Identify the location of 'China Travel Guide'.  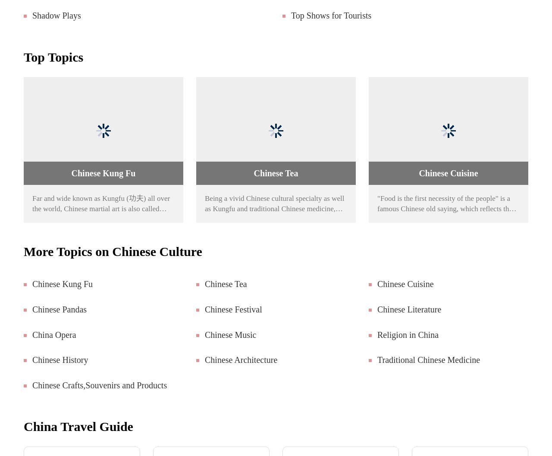
(78, 426).